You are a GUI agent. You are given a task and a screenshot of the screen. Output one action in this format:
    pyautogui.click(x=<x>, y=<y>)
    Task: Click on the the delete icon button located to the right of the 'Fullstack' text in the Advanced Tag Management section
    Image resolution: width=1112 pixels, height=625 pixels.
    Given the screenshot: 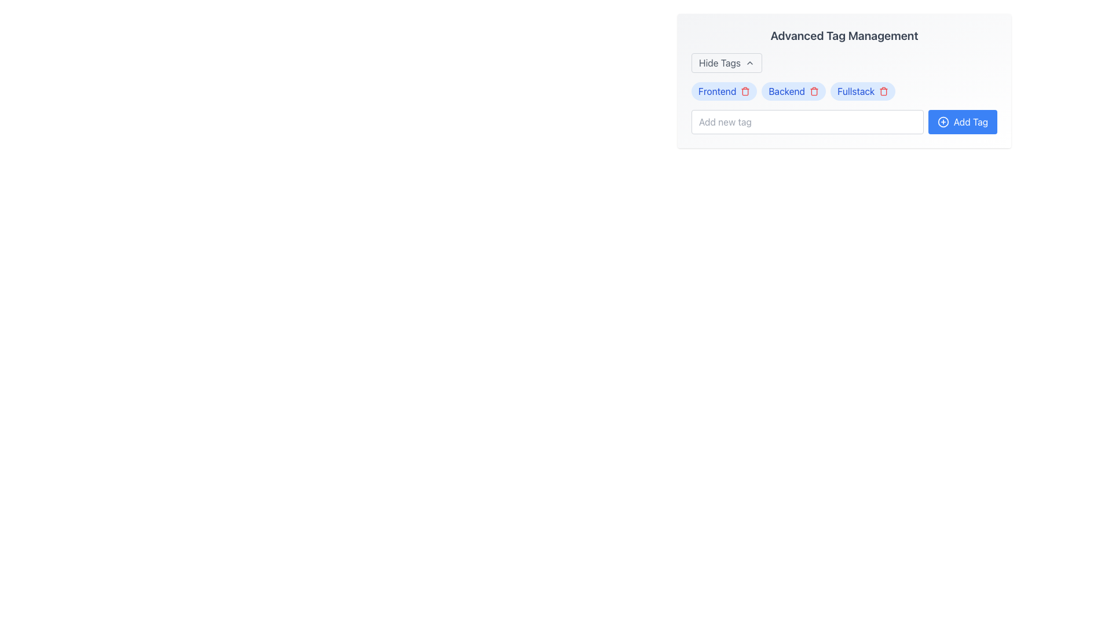 What is the action you would take?
    pyautogui.click(x=883, y=91)
    